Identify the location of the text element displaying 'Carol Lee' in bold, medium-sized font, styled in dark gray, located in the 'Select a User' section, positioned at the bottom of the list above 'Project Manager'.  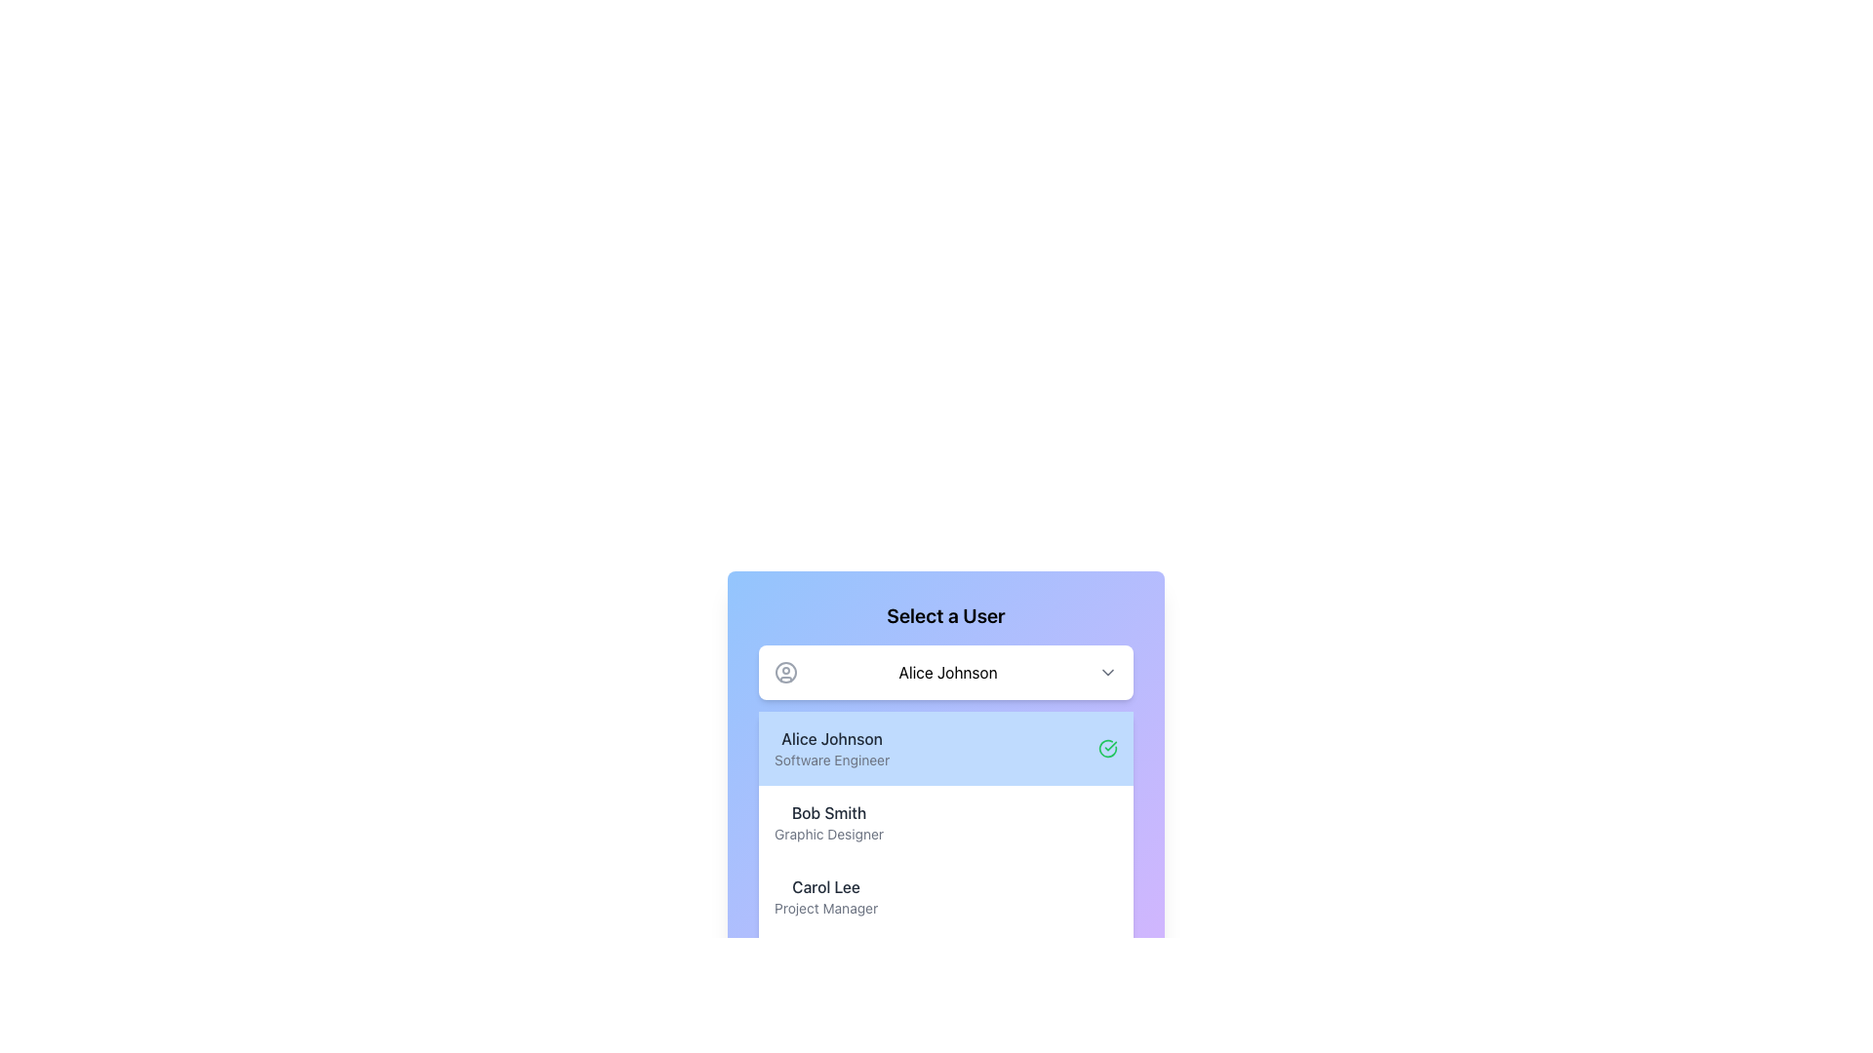
(826, 887).